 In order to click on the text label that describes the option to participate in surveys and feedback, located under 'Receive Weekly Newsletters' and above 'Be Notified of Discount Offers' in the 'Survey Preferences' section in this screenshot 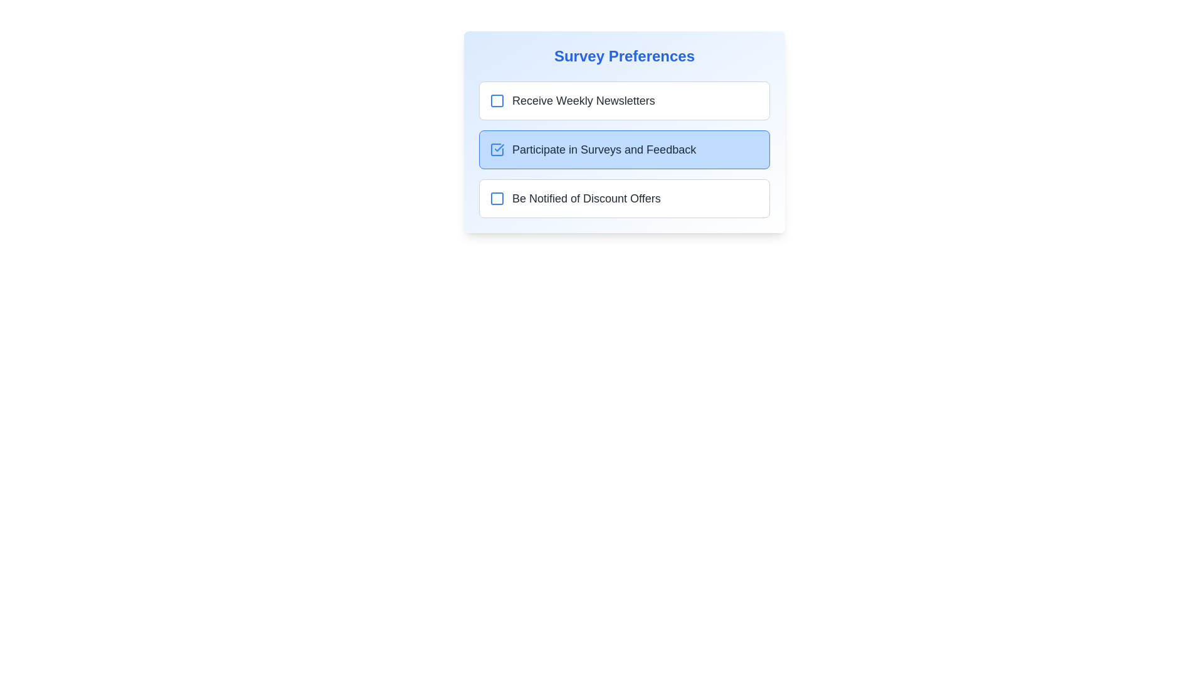, I will do `click(592, 149)`.